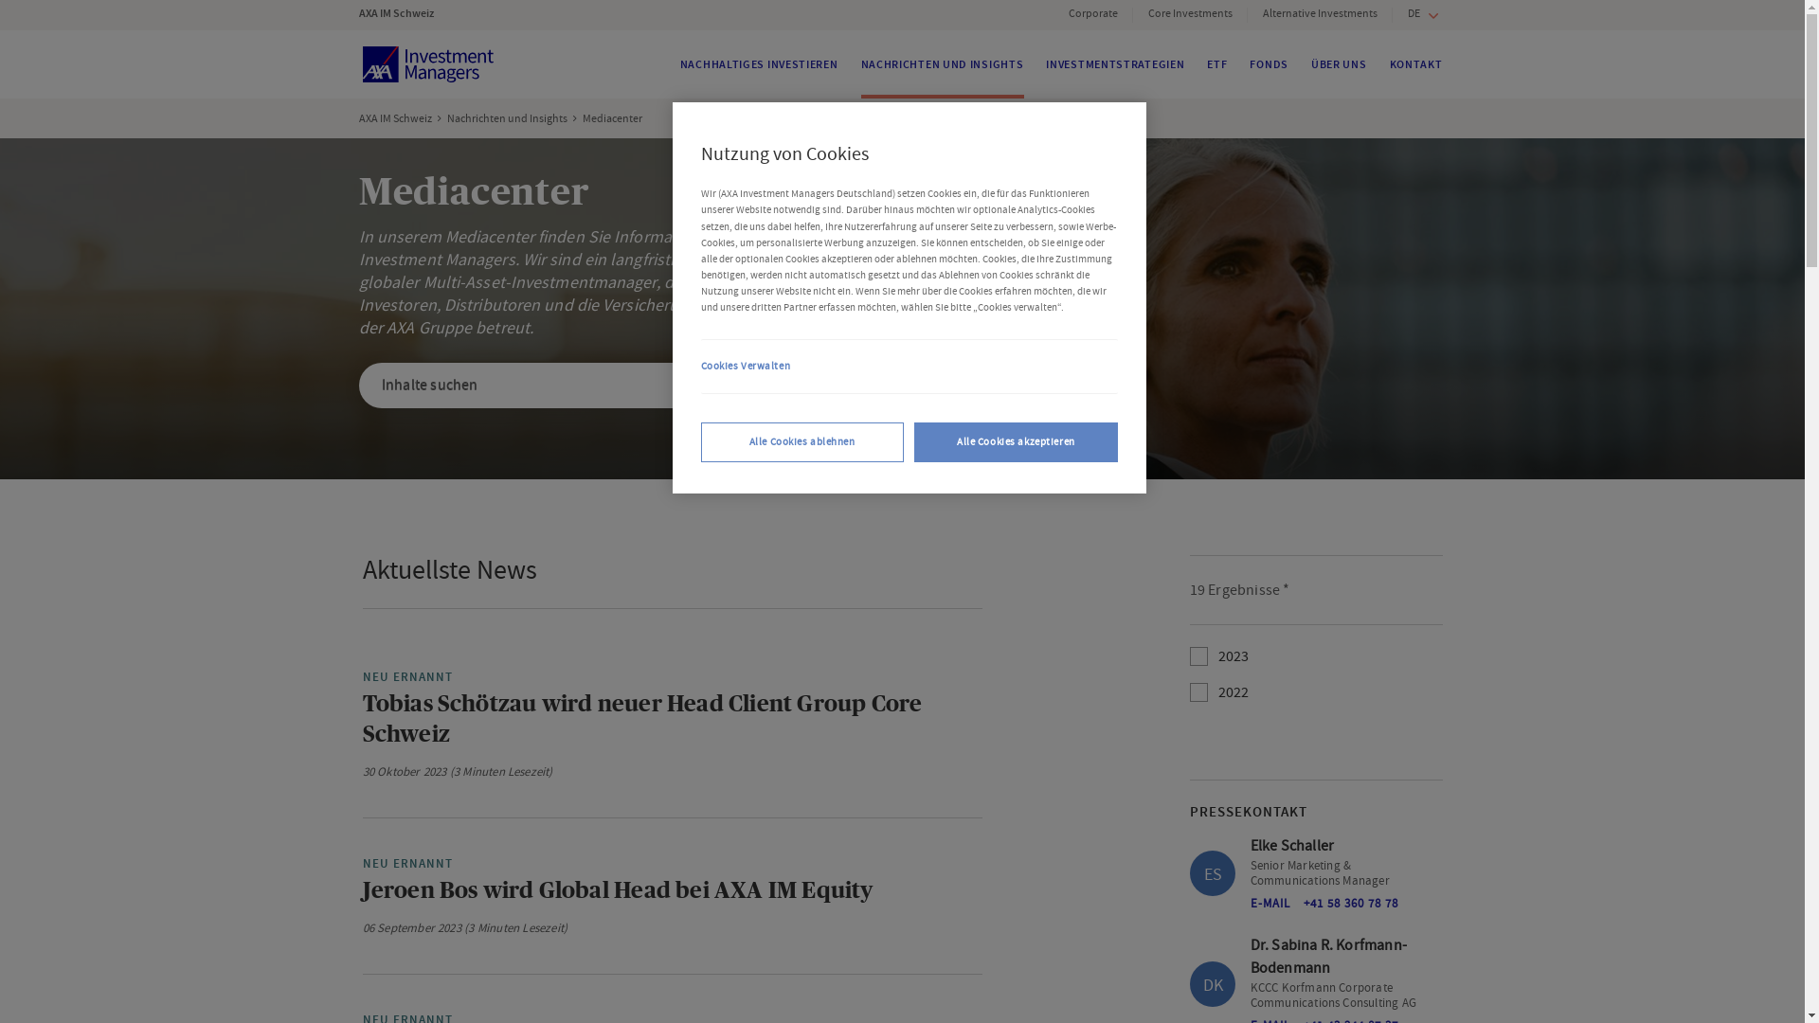 This screenshot has height=1023, width=1819. Describe the element at coordinates (1092, 14) in the screenshot. I see `'Corporate'` at that location.